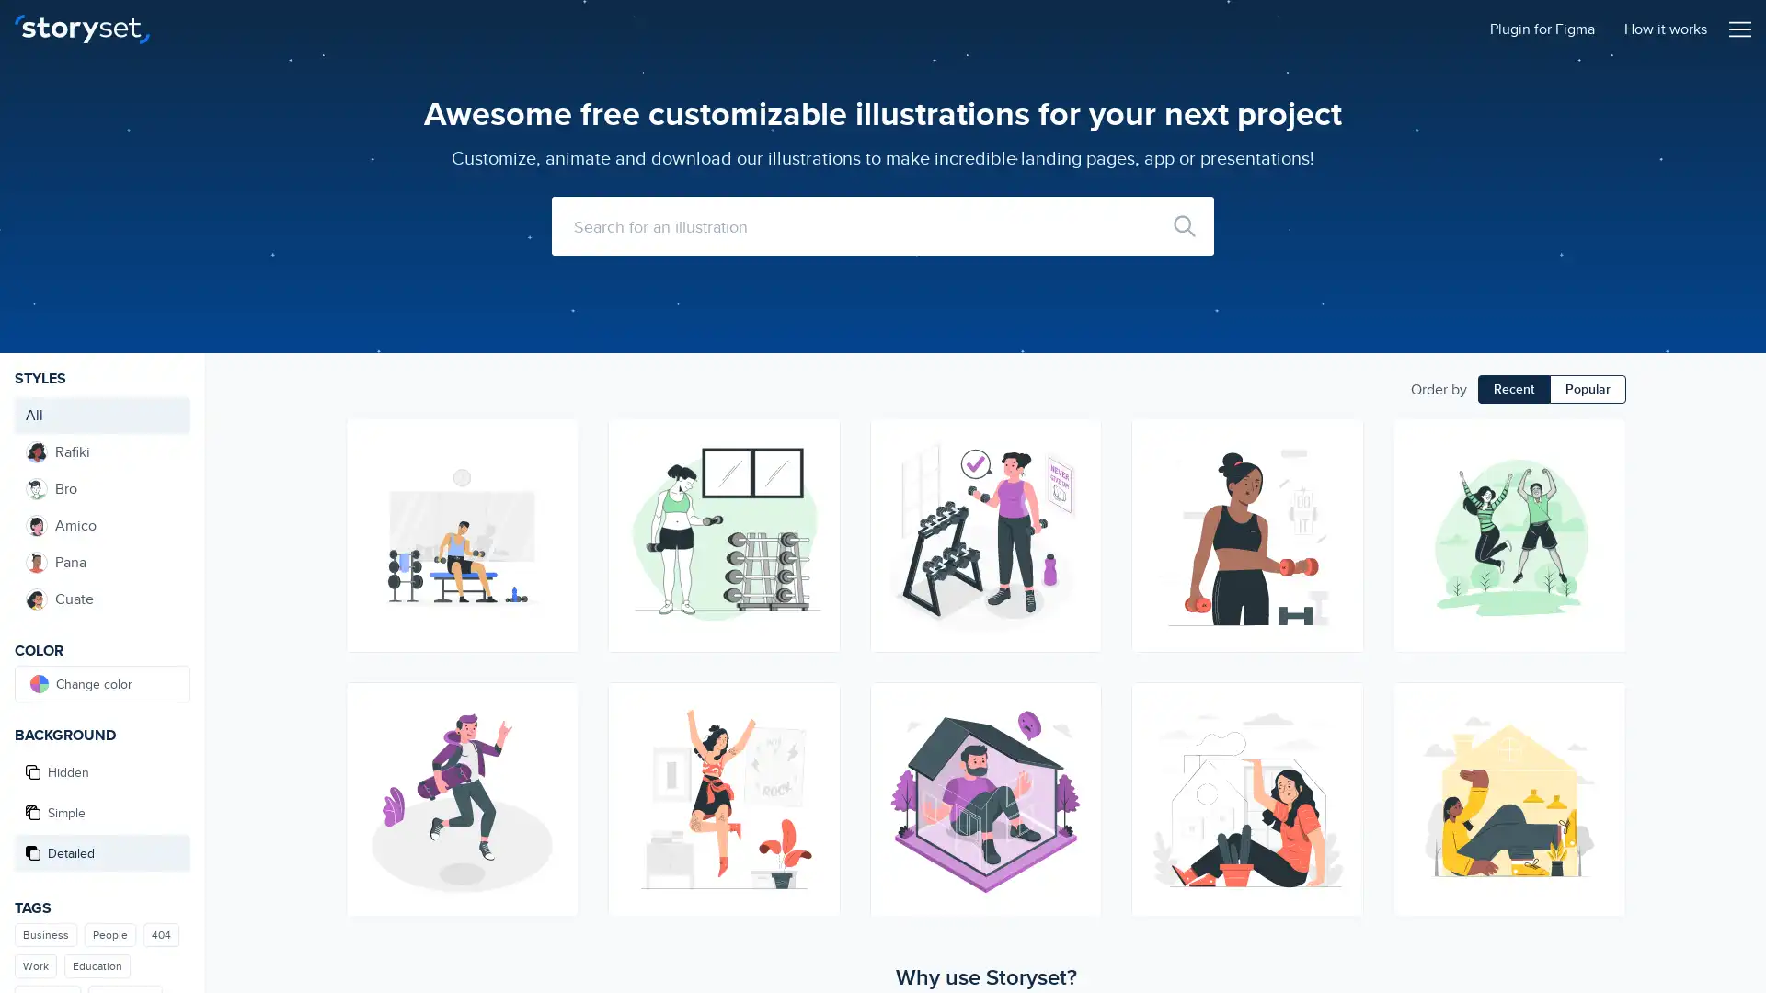  I want to click on wand icon Animate, so click(1341, 440).